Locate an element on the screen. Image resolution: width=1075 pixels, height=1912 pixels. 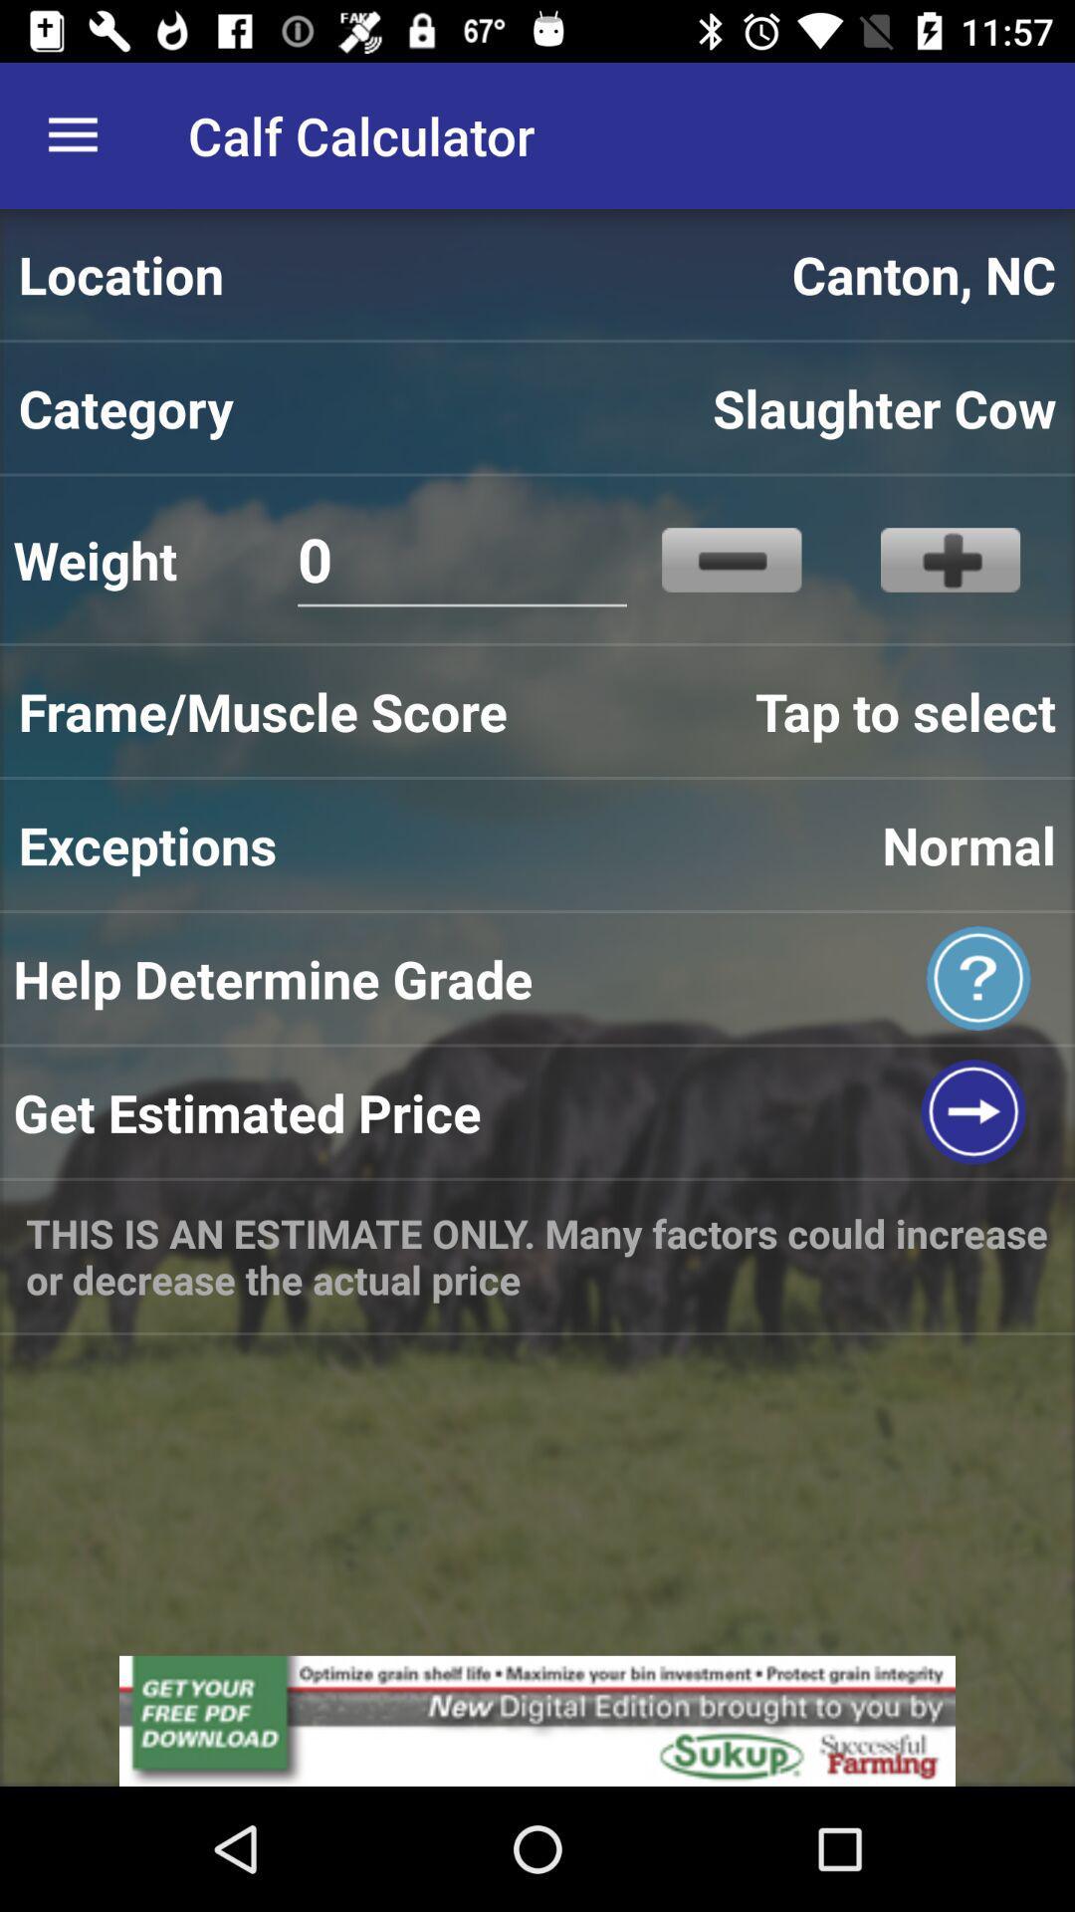
advertisement is located at coordinates (537, 1720).